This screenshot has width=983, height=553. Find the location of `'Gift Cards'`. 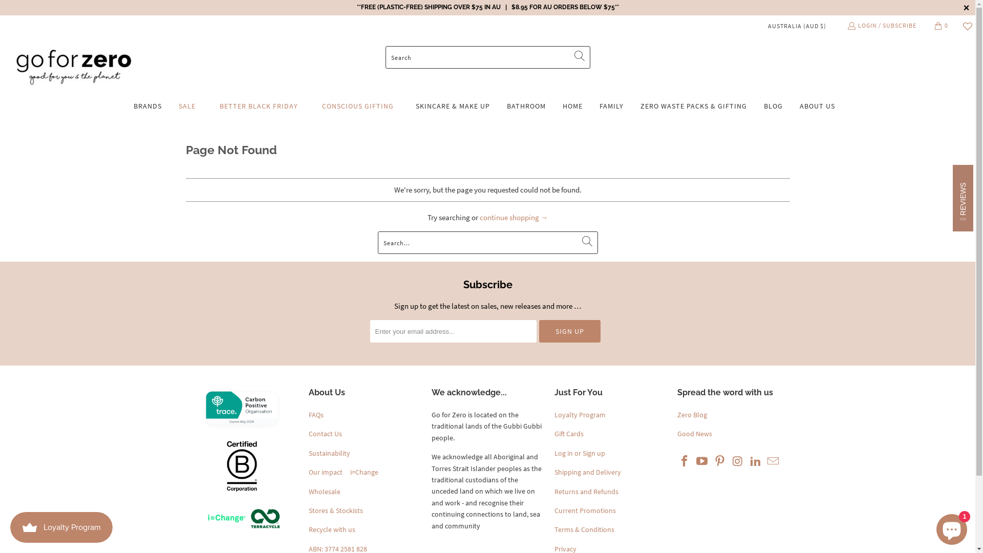

'Gift Cards' is located at coordinates (568, 434).